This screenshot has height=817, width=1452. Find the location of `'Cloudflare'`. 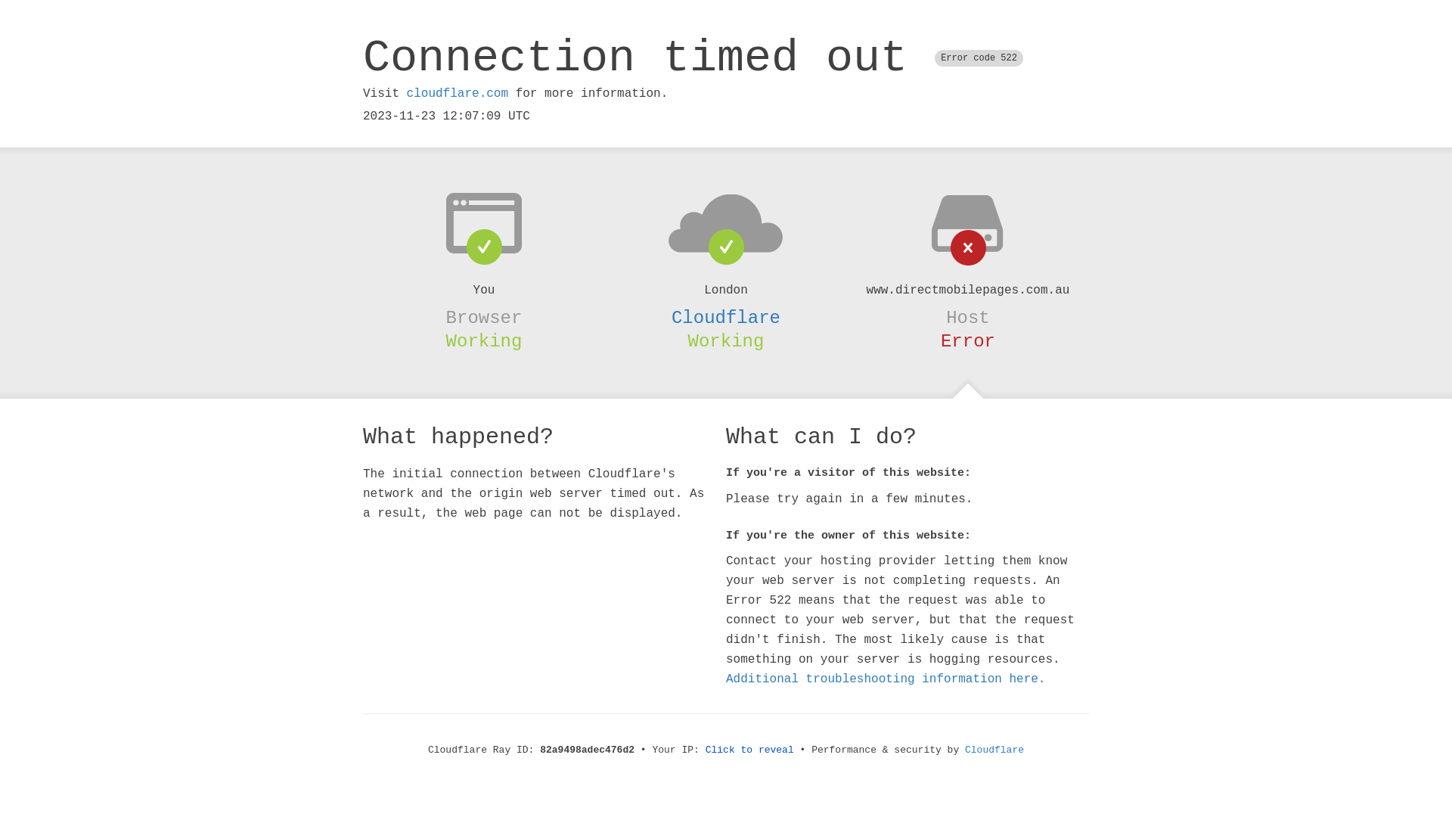

'Cloudflare' is located at coordinates (726, 317).